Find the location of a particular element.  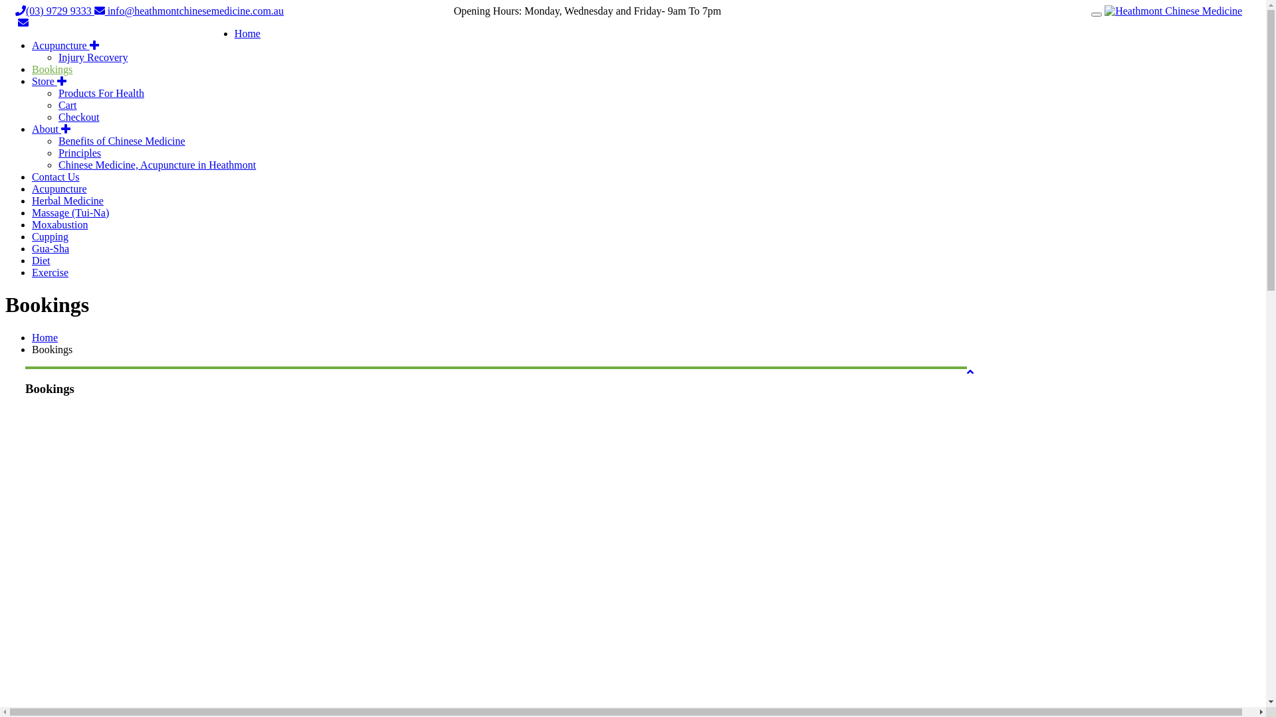

'Herbal Medicine' is located at coordinates (66, 200).